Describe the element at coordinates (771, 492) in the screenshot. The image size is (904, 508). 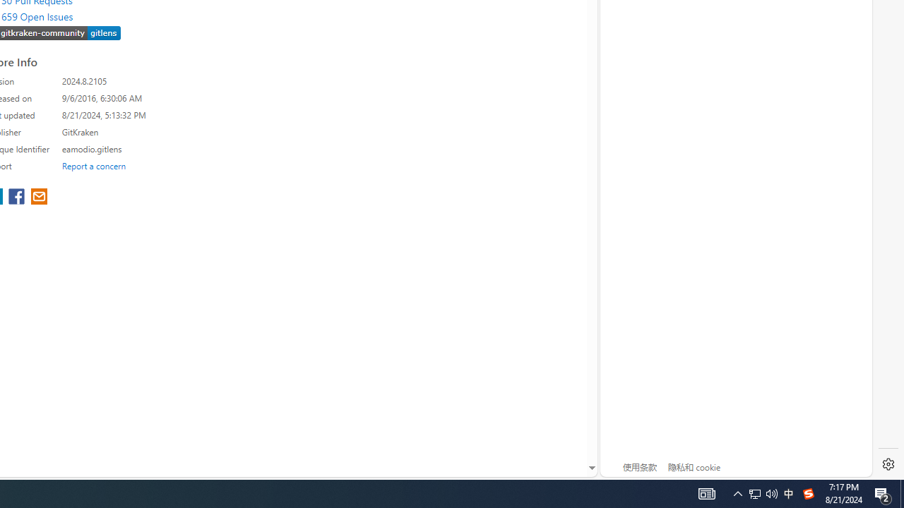
I see `'Q2790: 100%'` at that location.